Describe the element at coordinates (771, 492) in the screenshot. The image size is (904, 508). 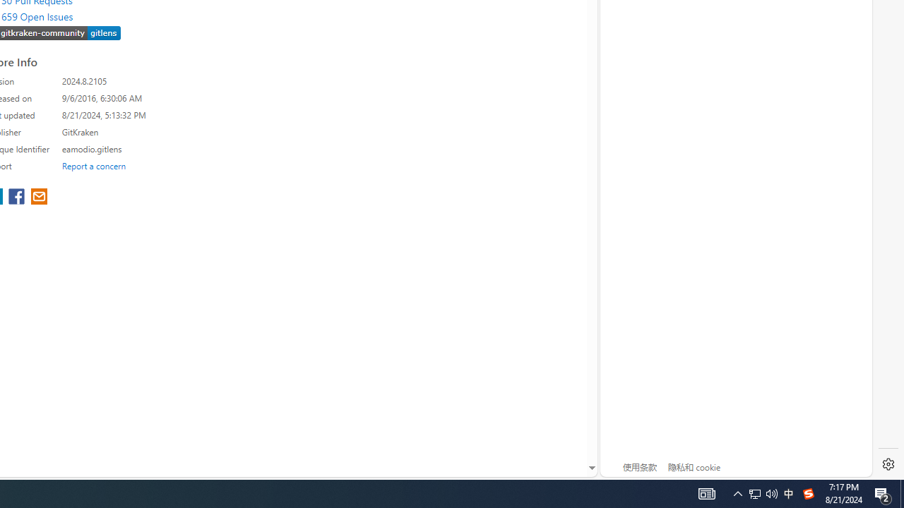
I see `'Q2790: 100%'` at that location.